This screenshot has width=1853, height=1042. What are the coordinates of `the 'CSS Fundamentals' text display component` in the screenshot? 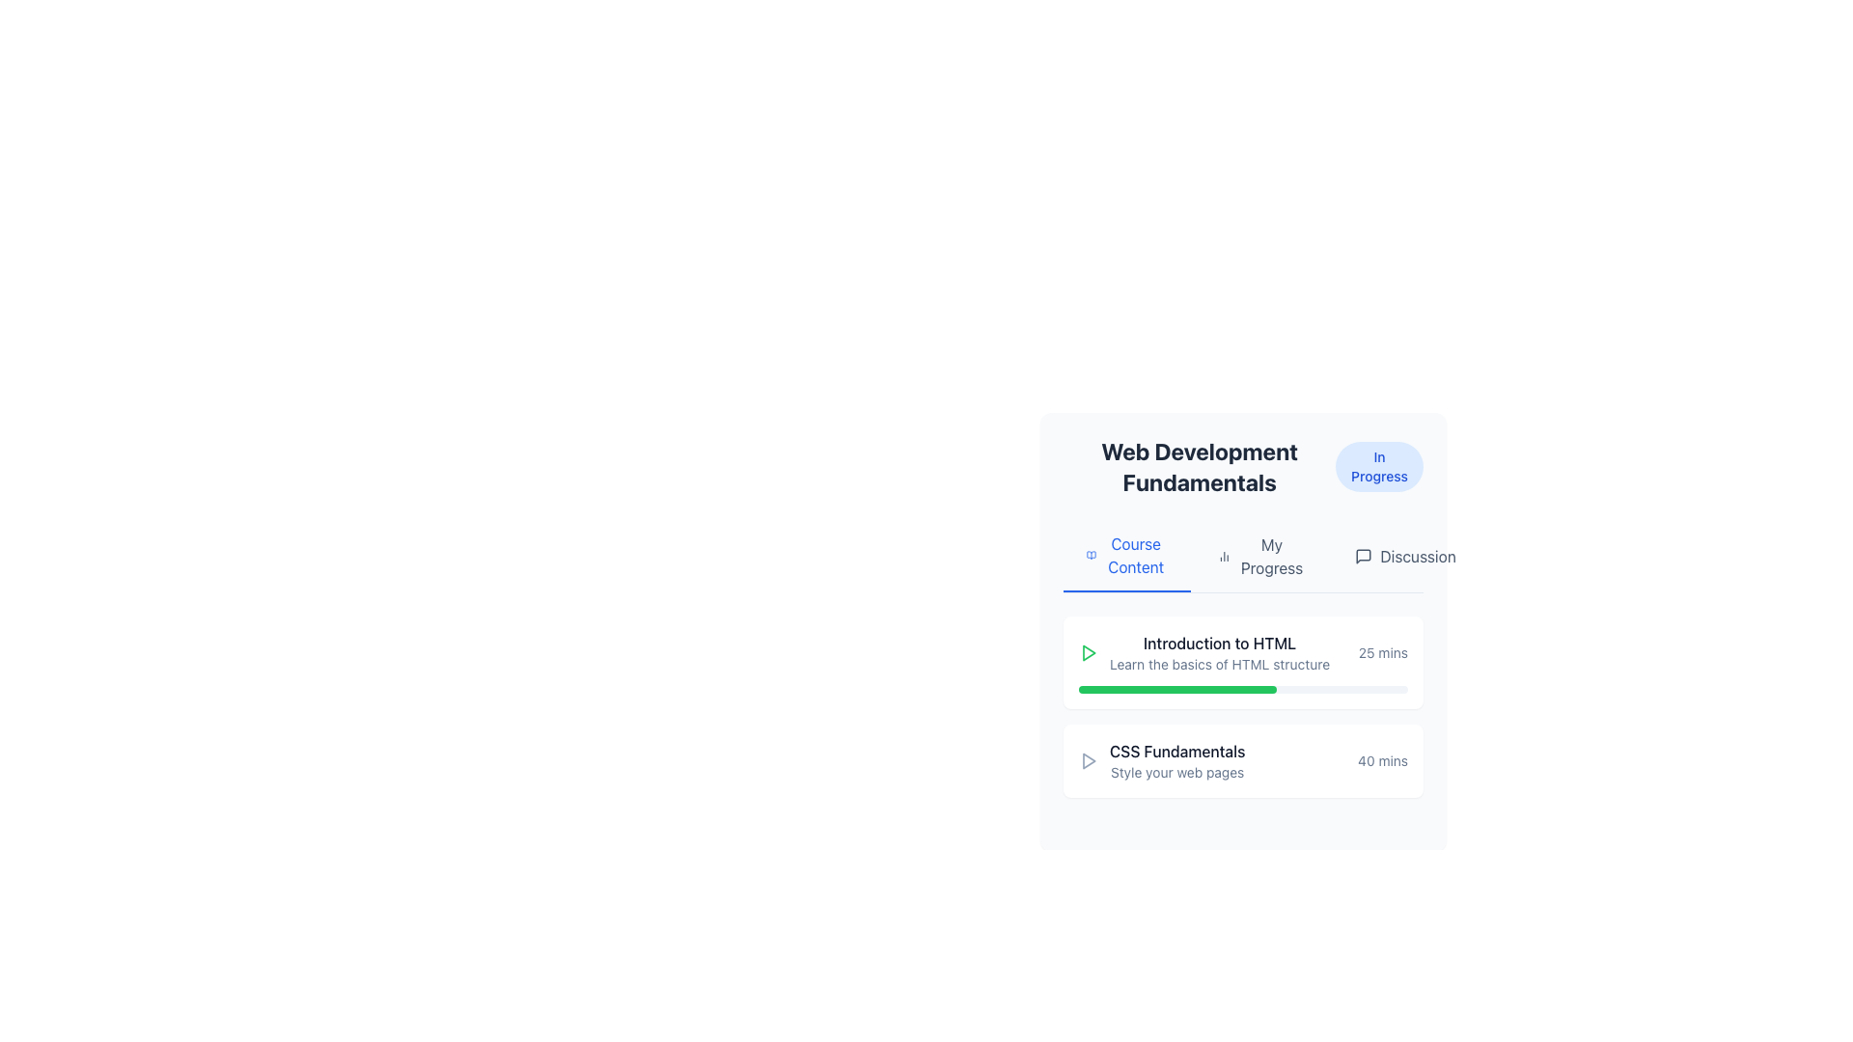 It's located at (1176, 760).